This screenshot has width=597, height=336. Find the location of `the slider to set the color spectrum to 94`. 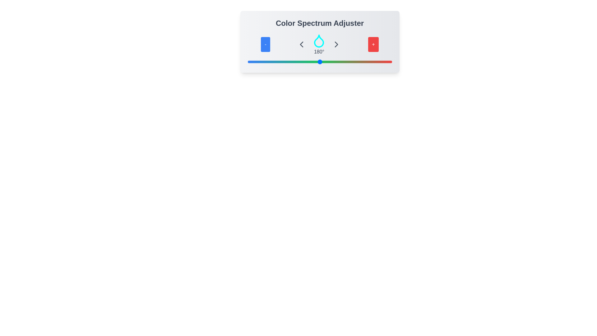

the slider to set the color spectrum to 94 is located at coordinates (285, 62).